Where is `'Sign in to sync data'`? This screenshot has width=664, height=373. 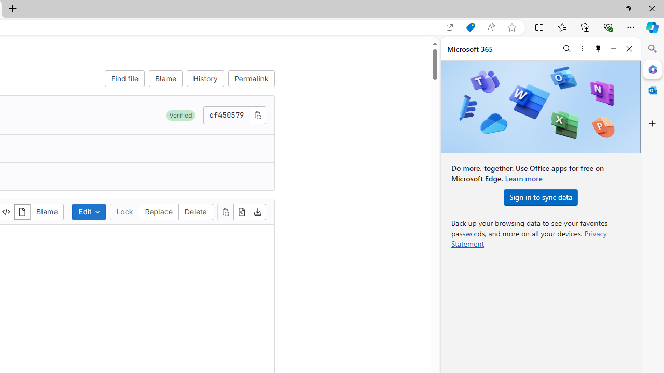 'Sign in to sync data' is located at coordinates (540, 197).